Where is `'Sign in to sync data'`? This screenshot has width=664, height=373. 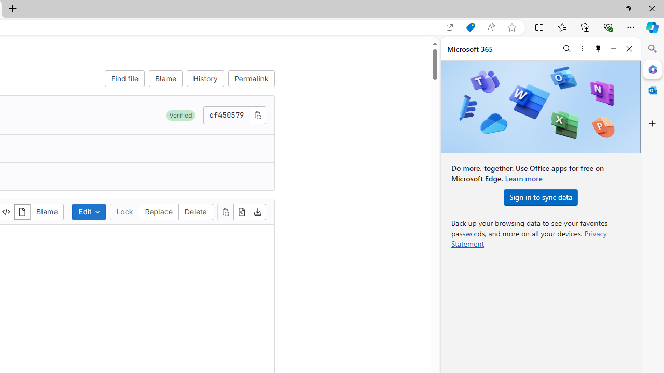 'Sign in to sync data' is located at coordinates (540, 197).